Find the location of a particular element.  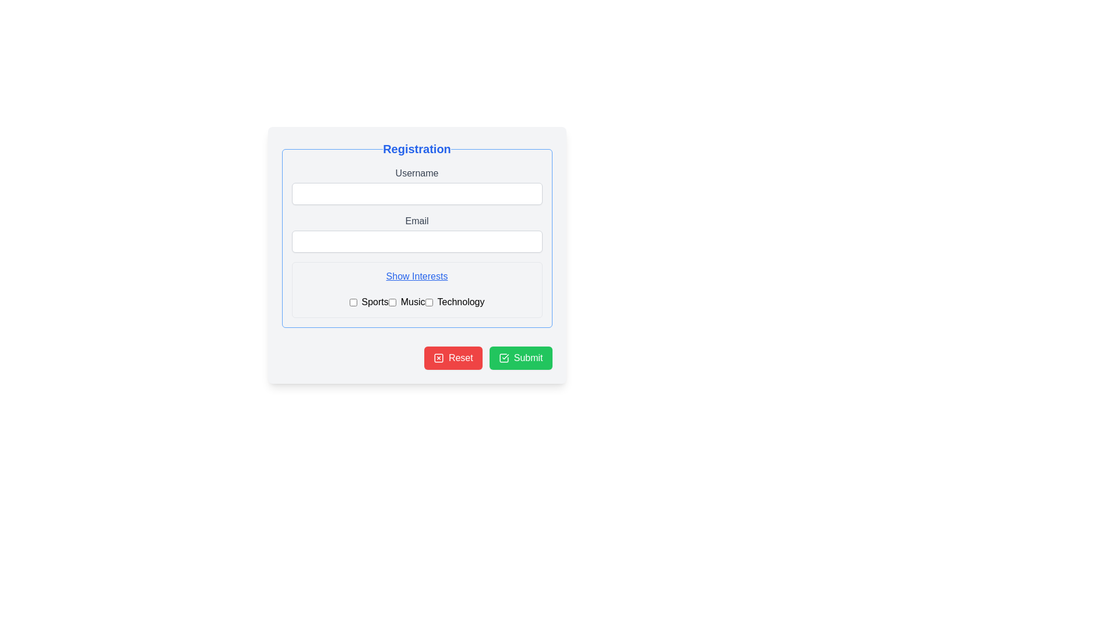

the standard checkbox styled for a form is located at coordinates (352, 302).